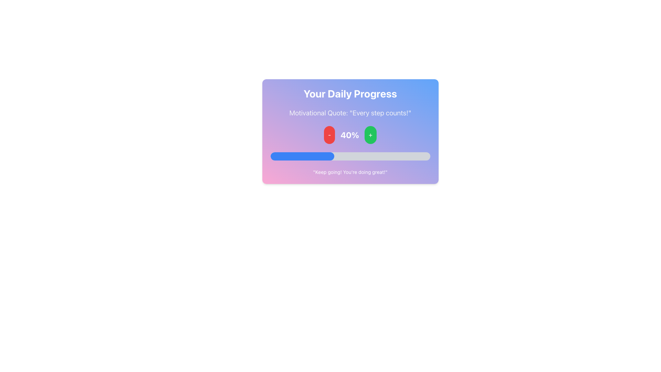 This screenshot has height=372, width=661. Describe the element at coordinates (350, 172) in the screenshot. I see `the static text informational label that reads 'Keep going! You're doing great!' which is centrally positioned at the bottom of a card with a gradient background transitioning from pink to blue` at that location.